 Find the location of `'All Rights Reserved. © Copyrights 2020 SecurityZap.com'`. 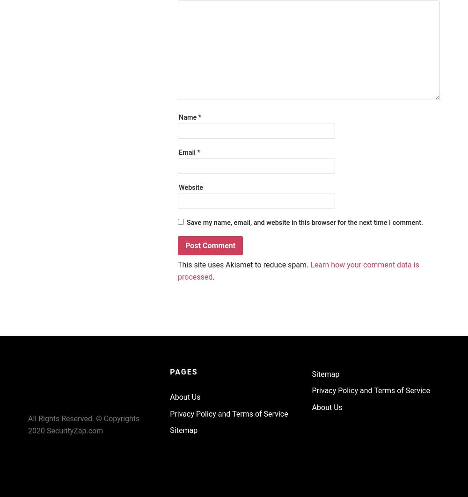

'All Rights Reserved. © Copyrights 2020 SecurityZap.com' is located at coordinates (28, 424).